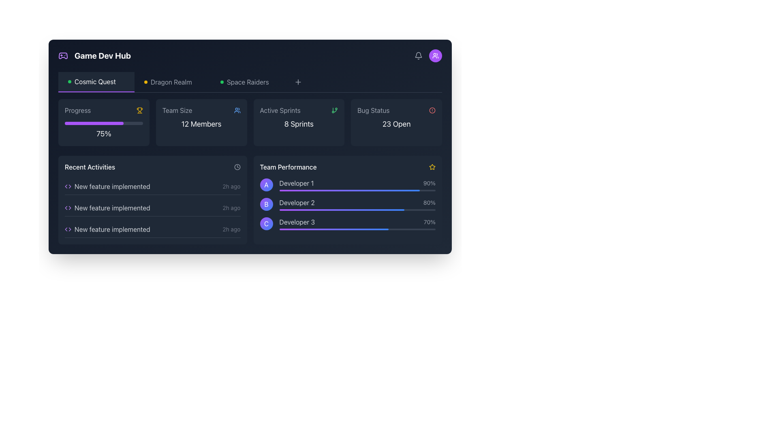 This screenshot has width=778, height=437. What do you see at coordinates (357, 229) in the screenshot?
I see `the progress visually on the horizontal progress bar located at the bottom-right of the interface within the 'Team Performance' section for 'Developer 3'` at bounding box center [357, 229].